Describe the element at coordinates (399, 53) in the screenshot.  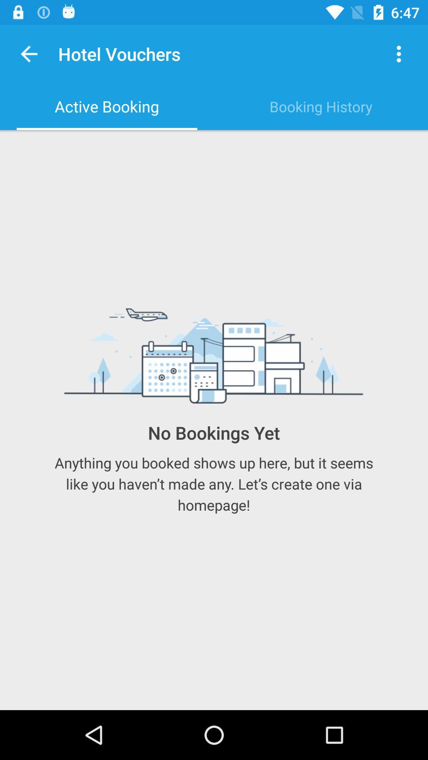
I see `clique para abrir as opes` at that location.